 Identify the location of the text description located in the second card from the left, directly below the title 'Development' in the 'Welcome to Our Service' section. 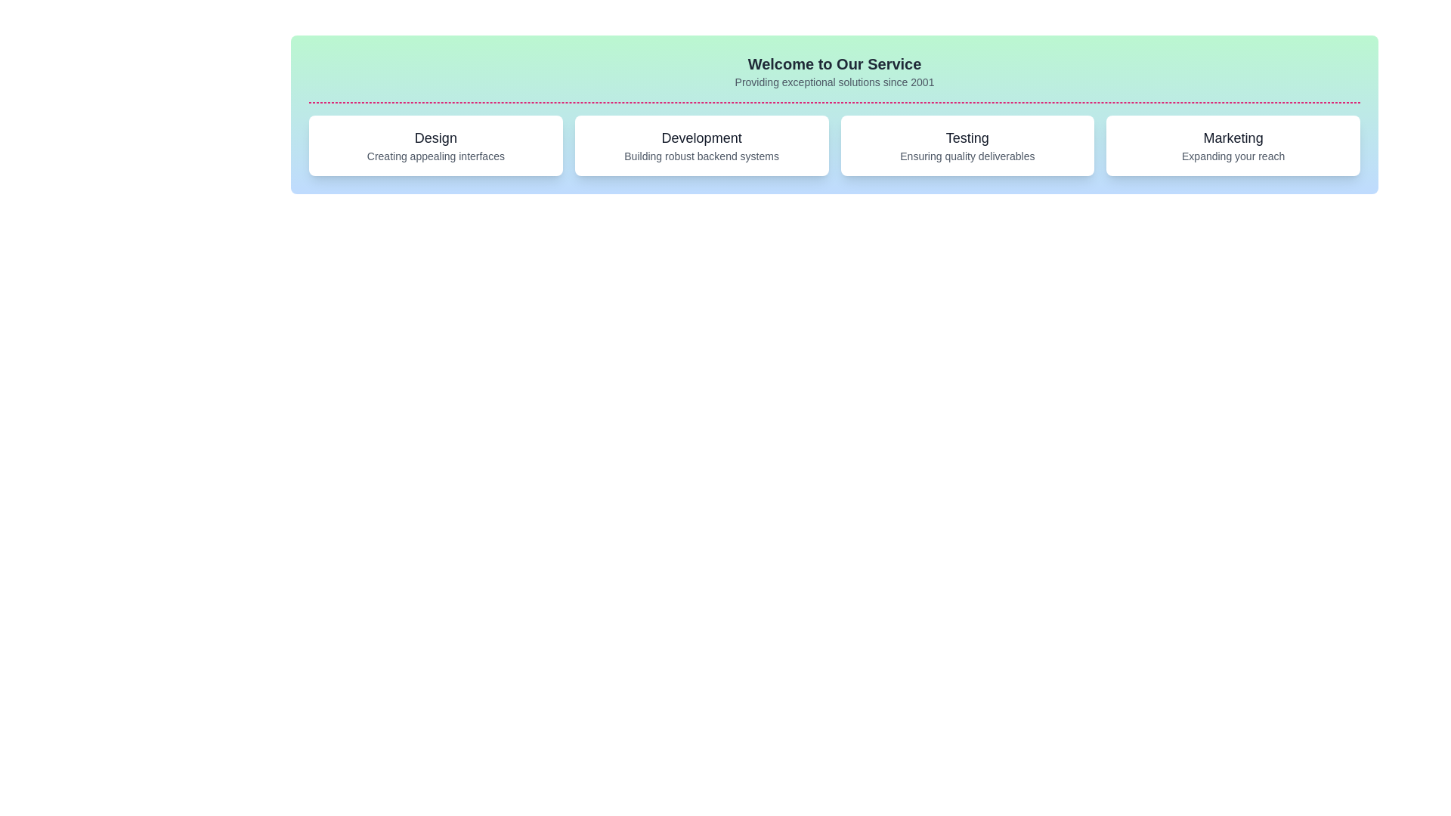
(701, 156).